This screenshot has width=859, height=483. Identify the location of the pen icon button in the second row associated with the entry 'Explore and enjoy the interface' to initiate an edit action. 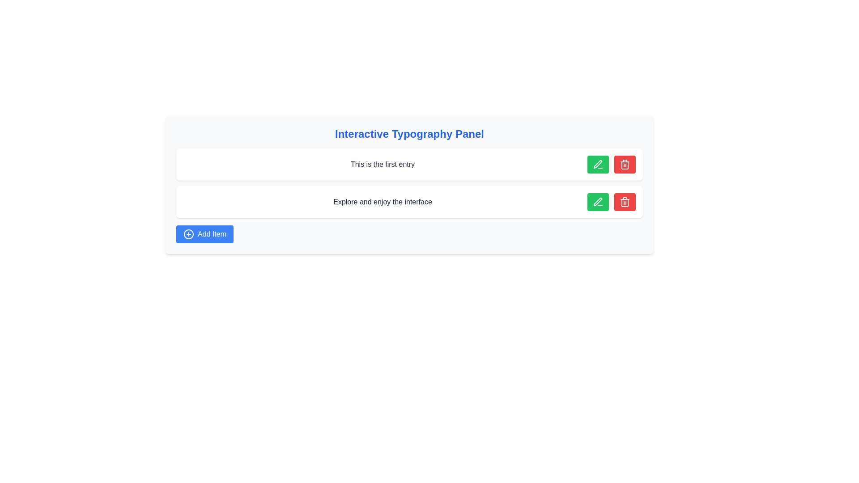
(598, 202).